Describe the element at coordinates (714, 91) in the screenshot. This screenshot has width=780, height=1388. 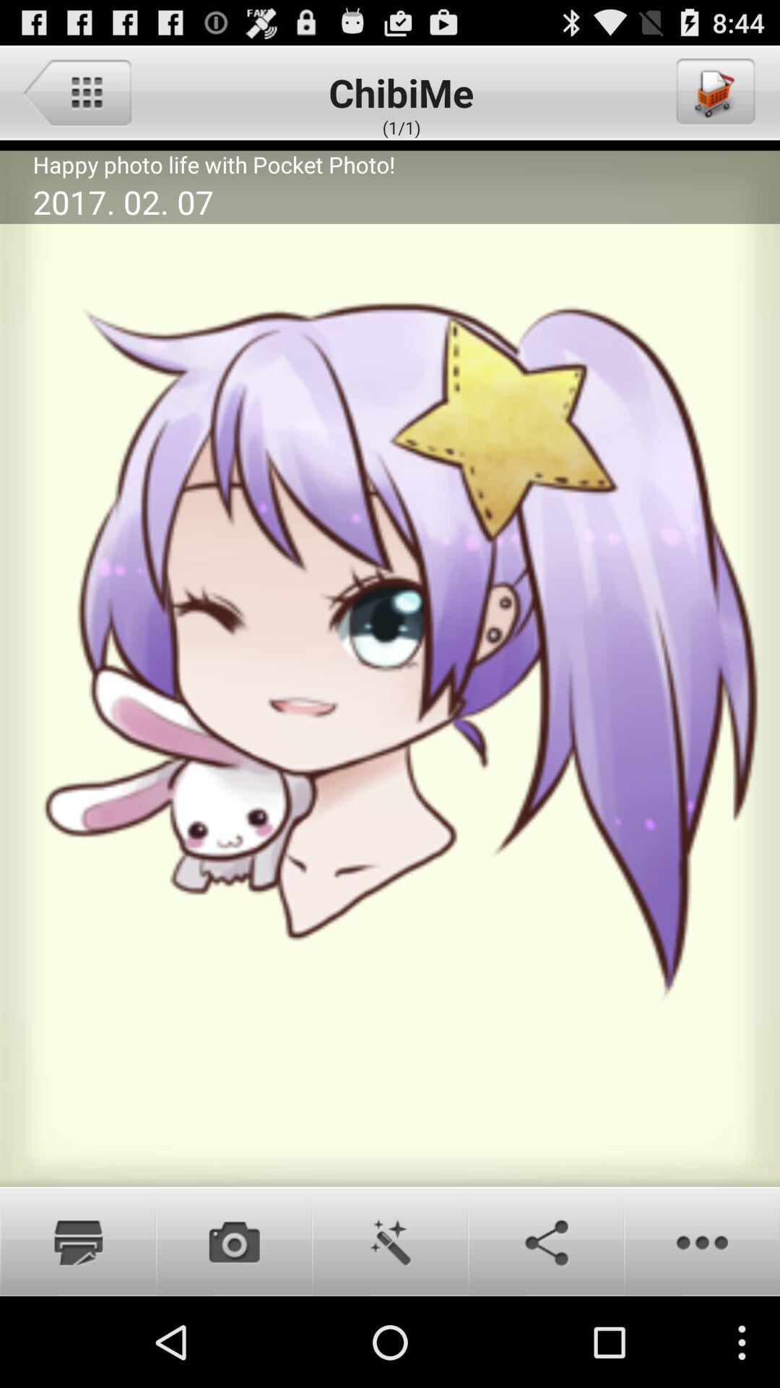
I see `the app next to the chibime` at that location.